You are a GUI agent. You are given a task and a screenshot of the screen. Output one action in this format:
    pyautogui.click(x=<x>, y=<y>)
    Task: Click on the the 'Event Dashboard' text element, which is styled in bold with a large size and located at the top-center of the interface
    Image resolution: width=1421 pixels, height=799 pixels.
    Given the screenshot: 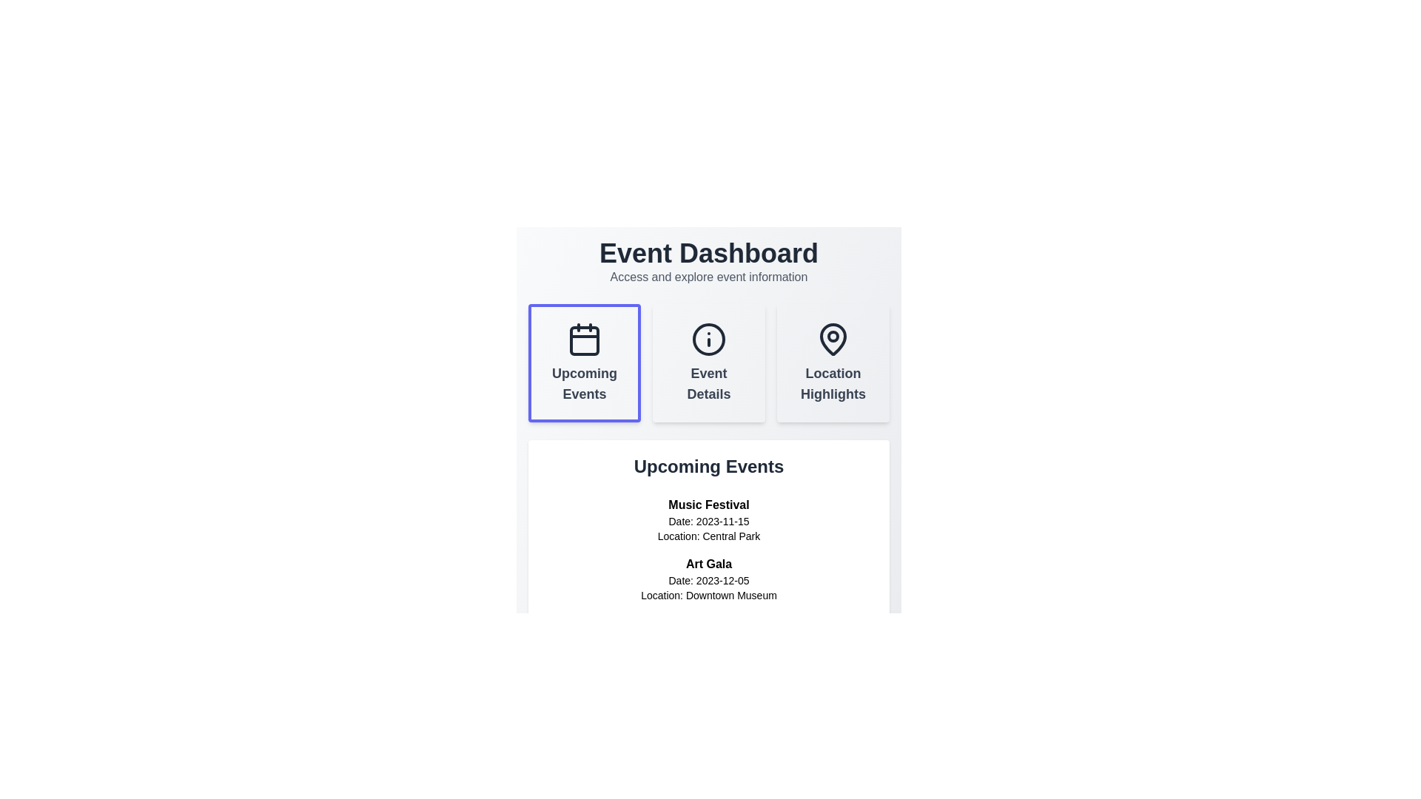 What is the action you would take?
    pyautogui.click(x=708, y=253)
    